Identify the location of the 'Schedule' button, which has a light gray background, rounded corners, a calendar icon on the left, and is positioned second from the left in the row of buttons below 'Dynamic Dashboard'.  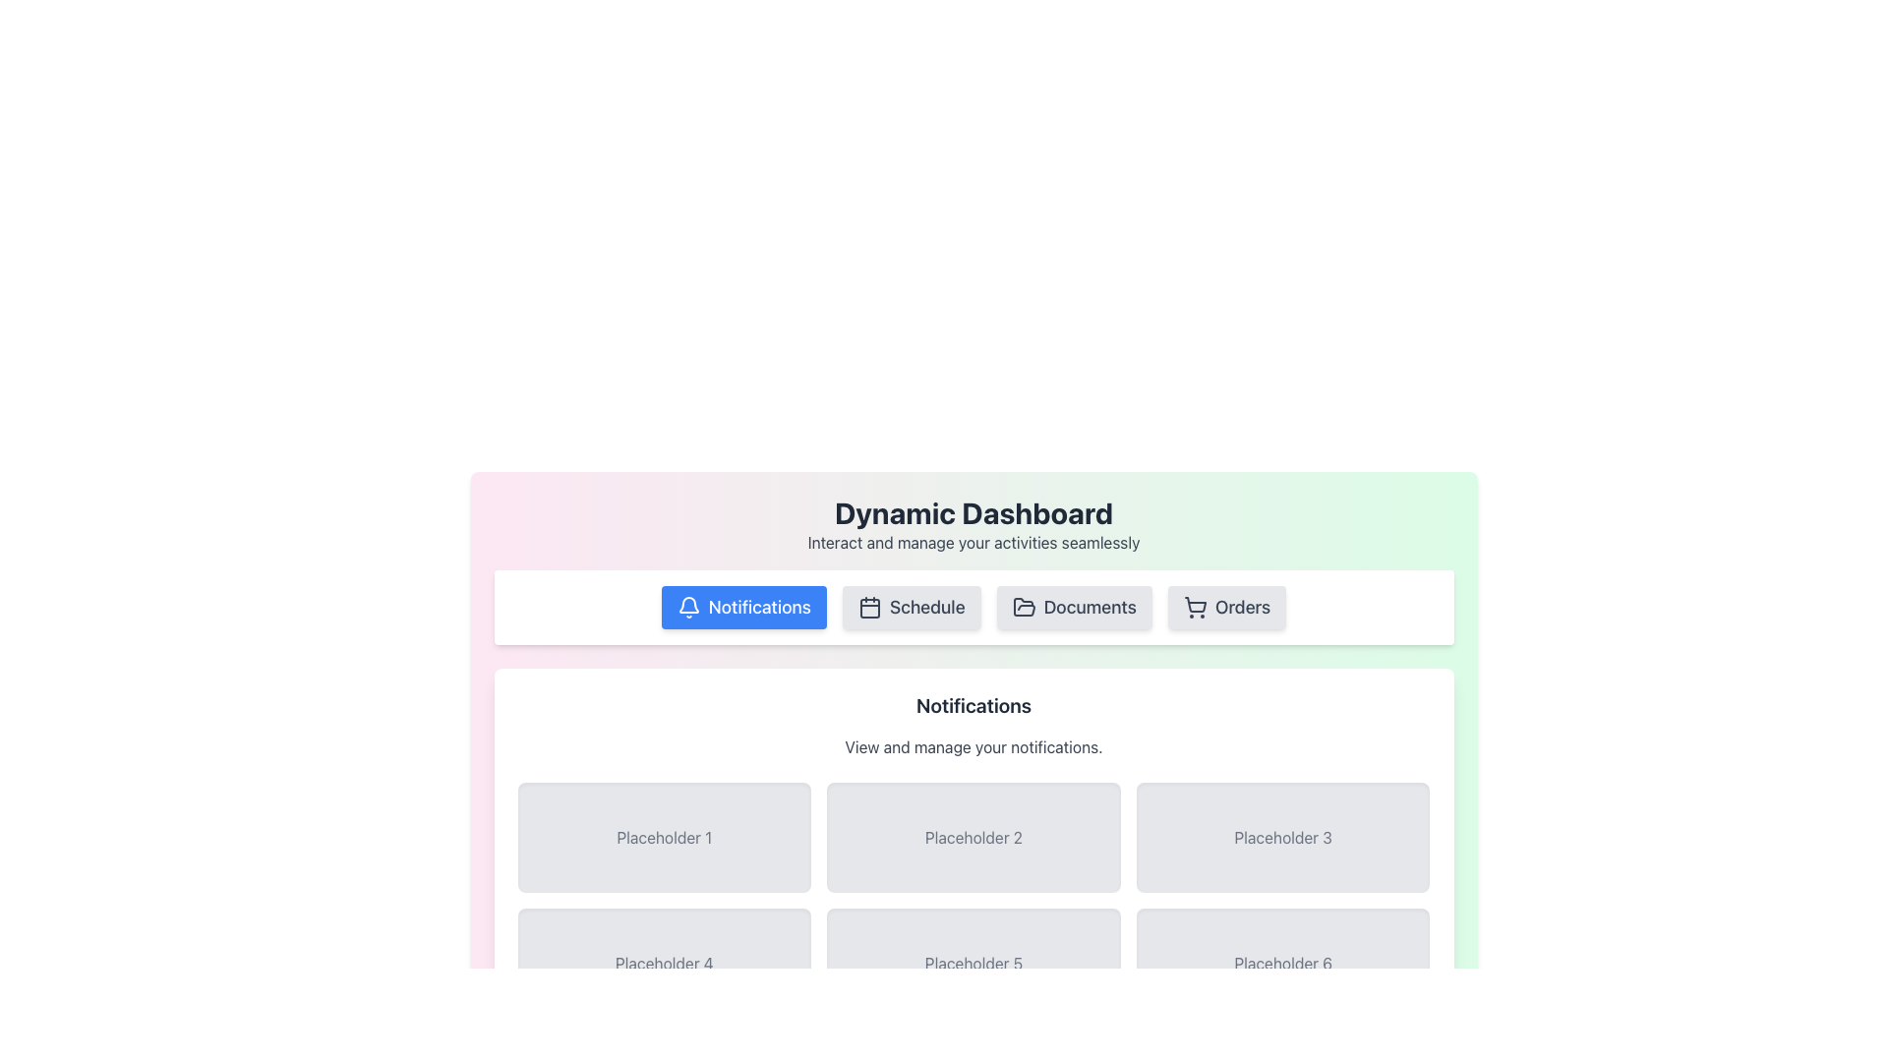
(910, 606).